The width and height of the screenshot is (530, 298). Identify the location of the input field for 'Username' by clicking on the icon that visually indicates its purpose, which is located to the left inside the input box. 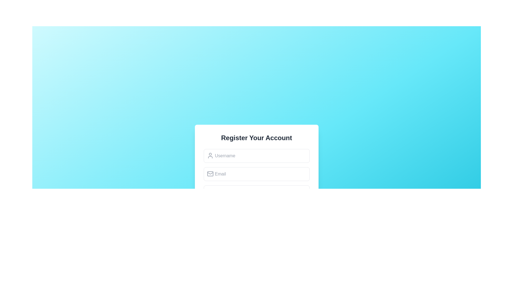
(210, 155).